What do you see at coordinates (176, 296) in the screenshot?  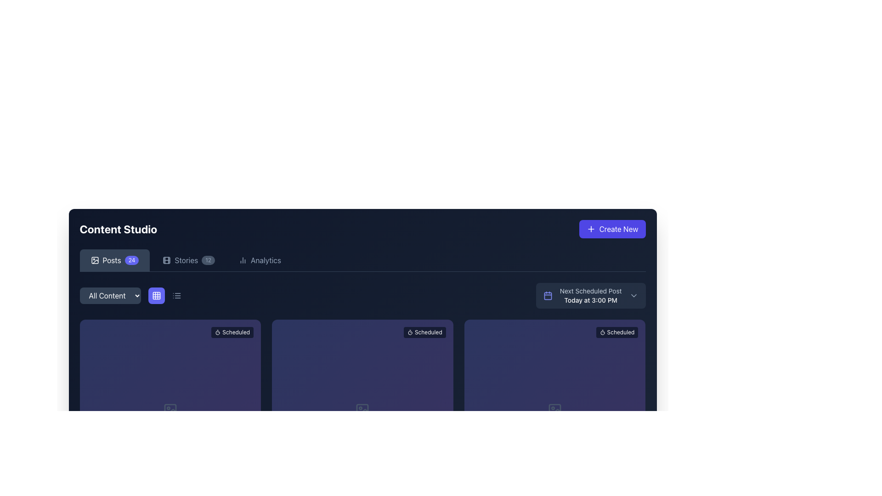 I see `the list view button located in the upper section of the interface within the 'Content Studio' horizontal selection bar, which is the second button of two layout selector buttons` at bounding box center [176, 296].